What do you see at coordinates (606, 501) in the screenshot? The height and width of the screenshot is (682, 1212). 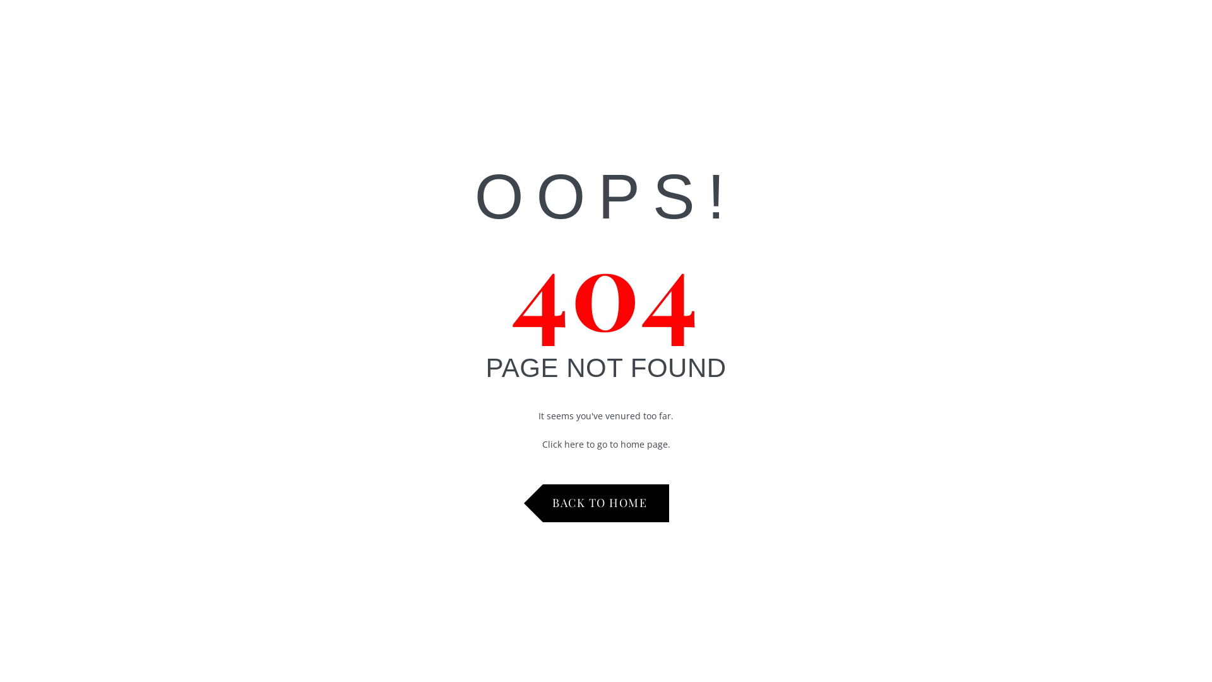 I see `'BACK TO HOME'` at bounding box center [606, 501].